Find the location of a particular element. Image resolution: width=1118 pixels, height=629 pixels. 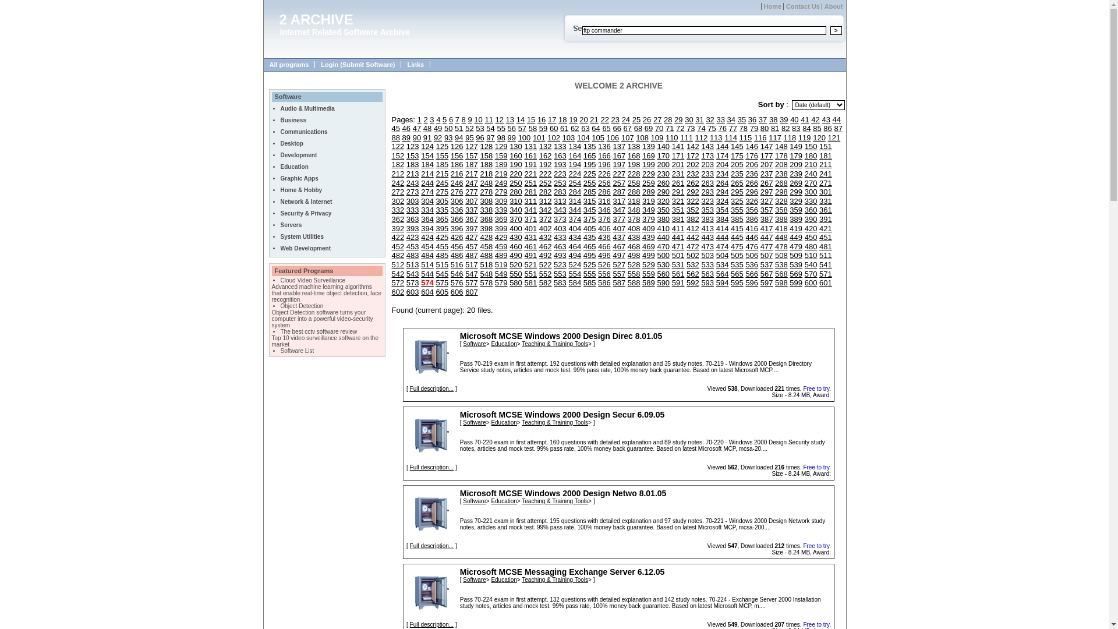

'145' is located at coordinates (730, 146).